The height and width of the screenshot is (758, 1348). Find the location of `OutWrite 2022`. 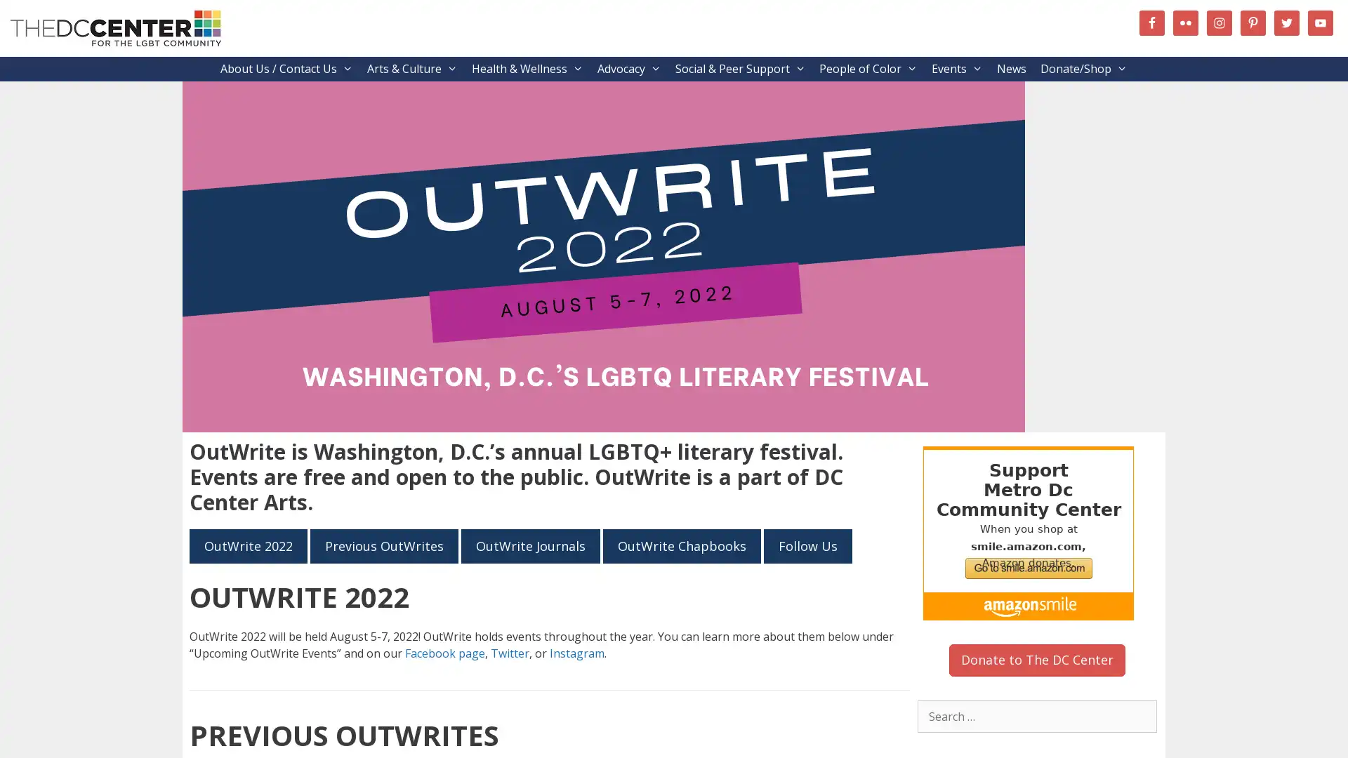

OutWrite 2022 is located at coordinates (249, 545).